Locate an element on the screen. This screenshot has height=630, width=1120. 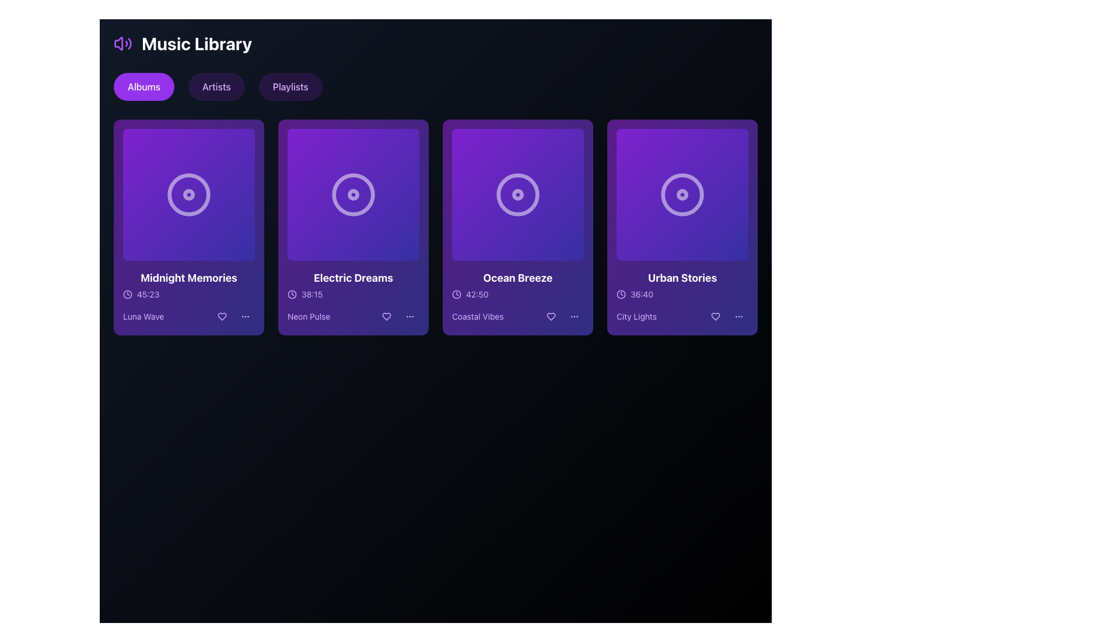
the 'Artists' button, which is a horizontally rounded rectangle with a purple background, located between the 'Albums' and 'Playlists' buttons in the Music Library interface is located at coordinates (216, 86).